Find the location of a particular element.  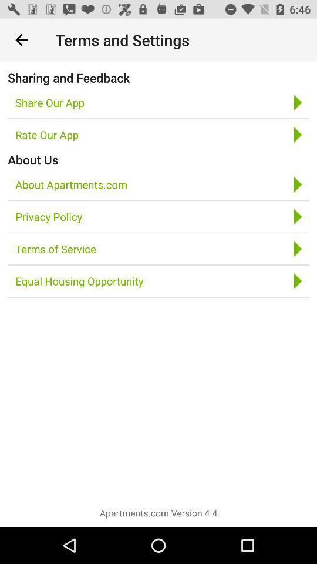

icon above share our app is located at coordinates (69, 77).